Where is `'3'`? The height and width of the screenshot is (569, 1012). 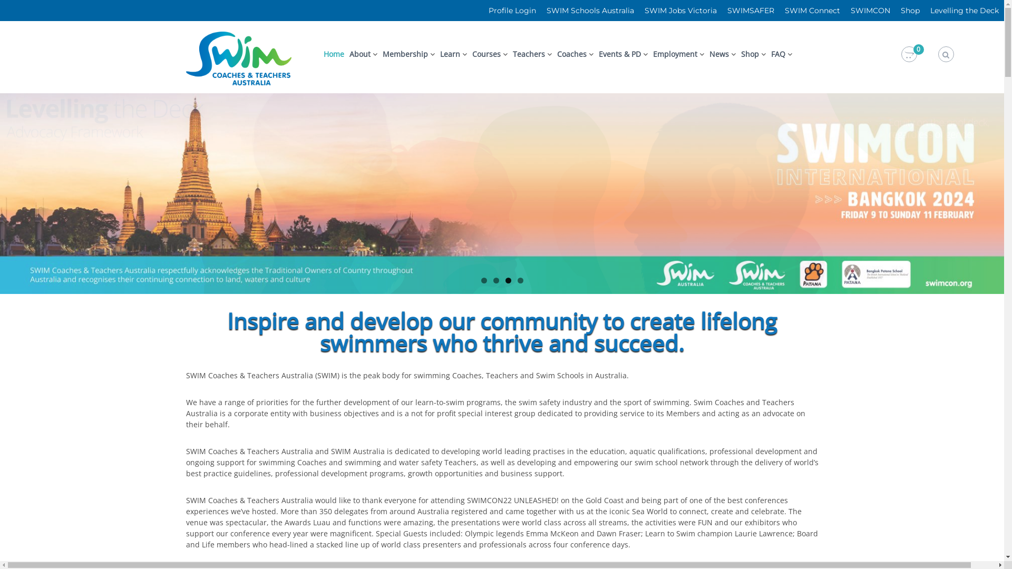 '3' is located at coordinates (508, 280).